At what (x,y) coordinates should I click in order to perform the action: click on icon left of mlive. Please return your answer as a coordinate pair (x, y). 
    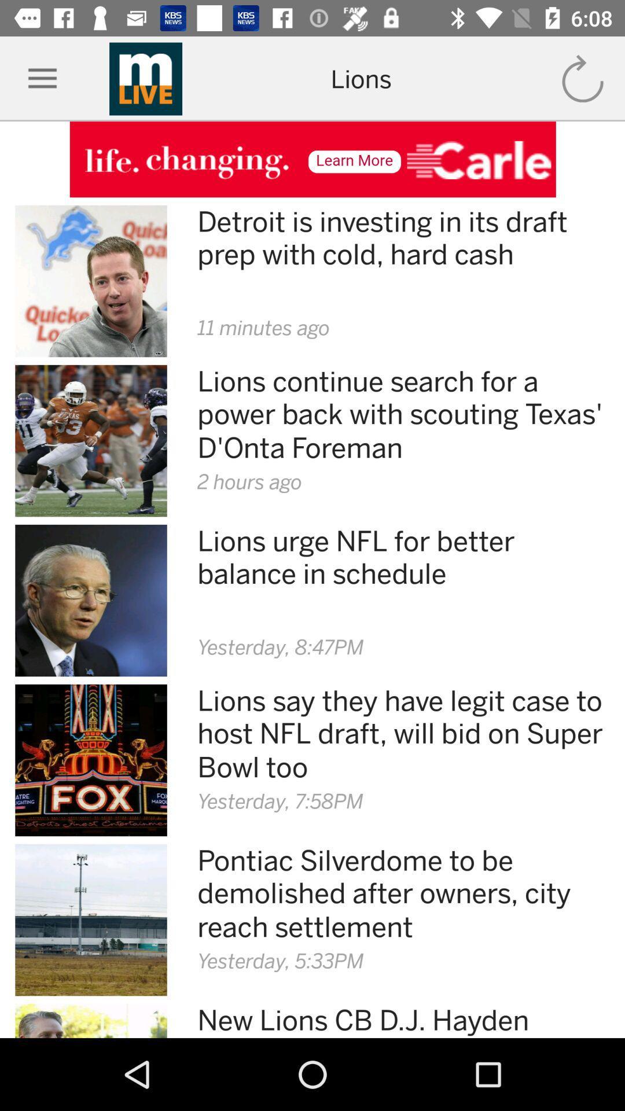
    Looking at the image, I should click on (42, 78).